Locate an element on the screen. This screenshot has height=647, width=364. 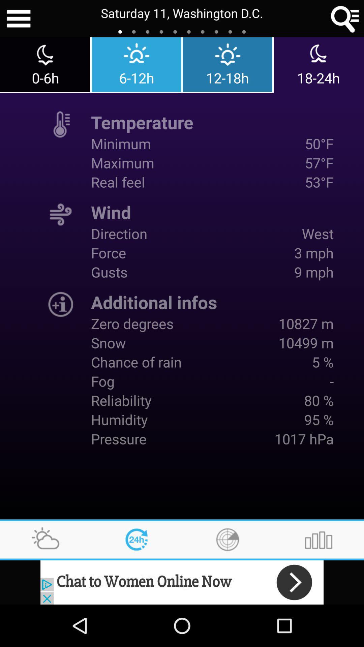
can search what we dont know is located at coordinates (345, 19).